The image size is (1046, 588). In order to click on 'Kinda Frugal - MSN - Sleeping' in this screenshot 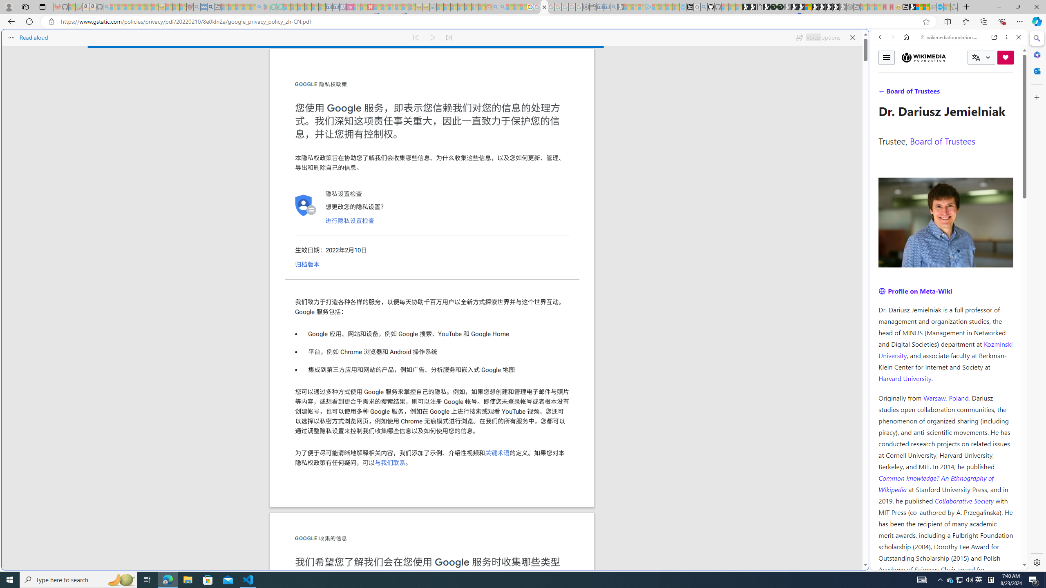, I will do `click(468, 7)`.